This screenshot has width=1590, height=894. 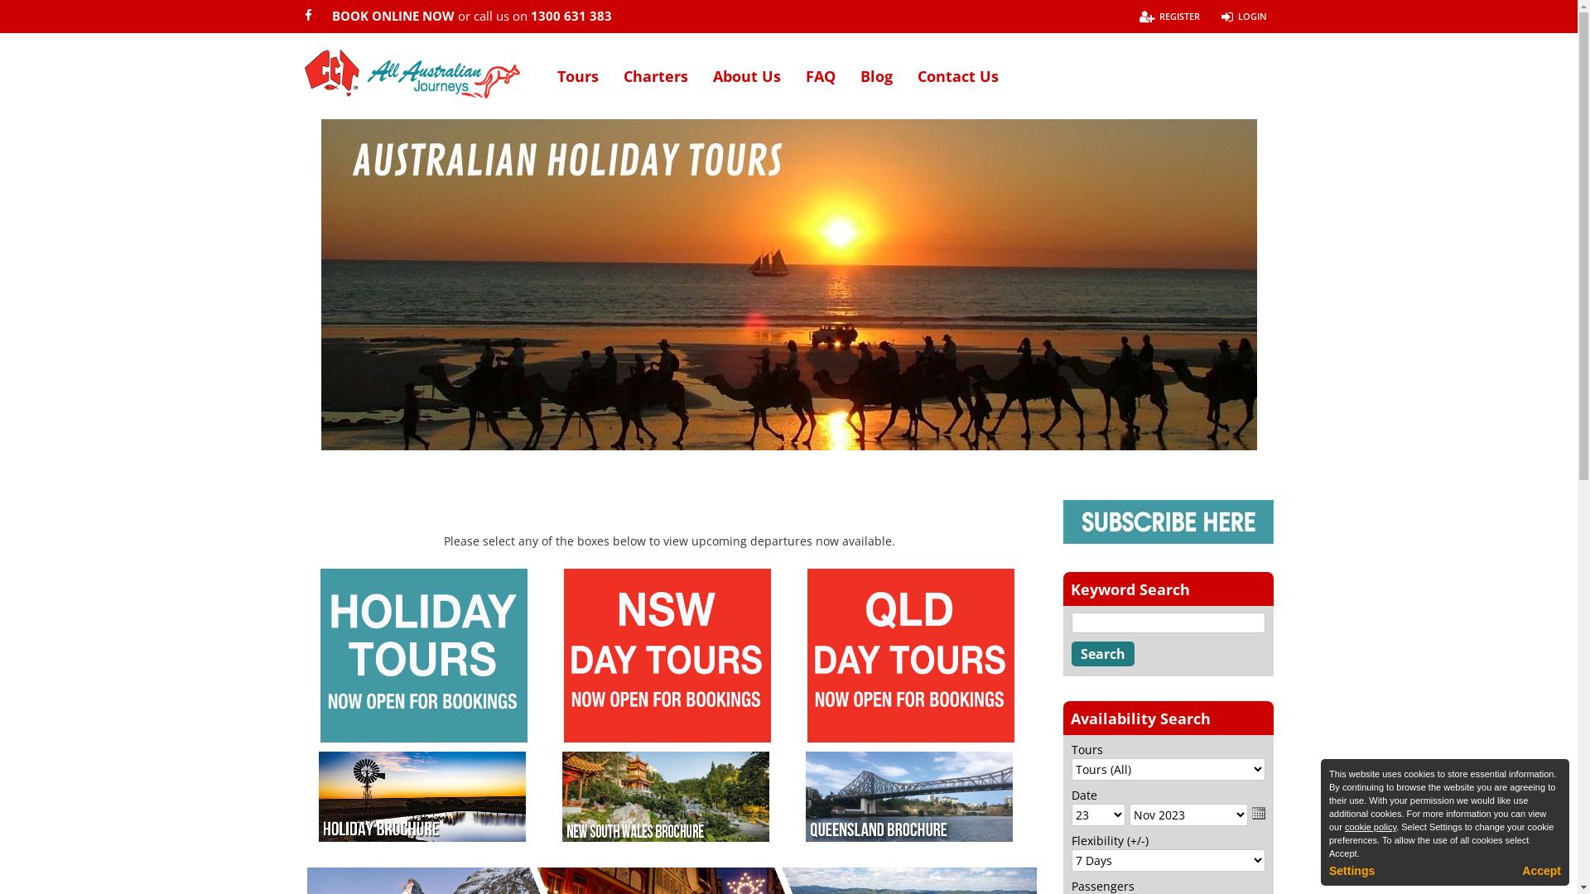 I want to click on 'Cross Country Tours | Tel: 07 3869 7444', so click(x=412, y=73).